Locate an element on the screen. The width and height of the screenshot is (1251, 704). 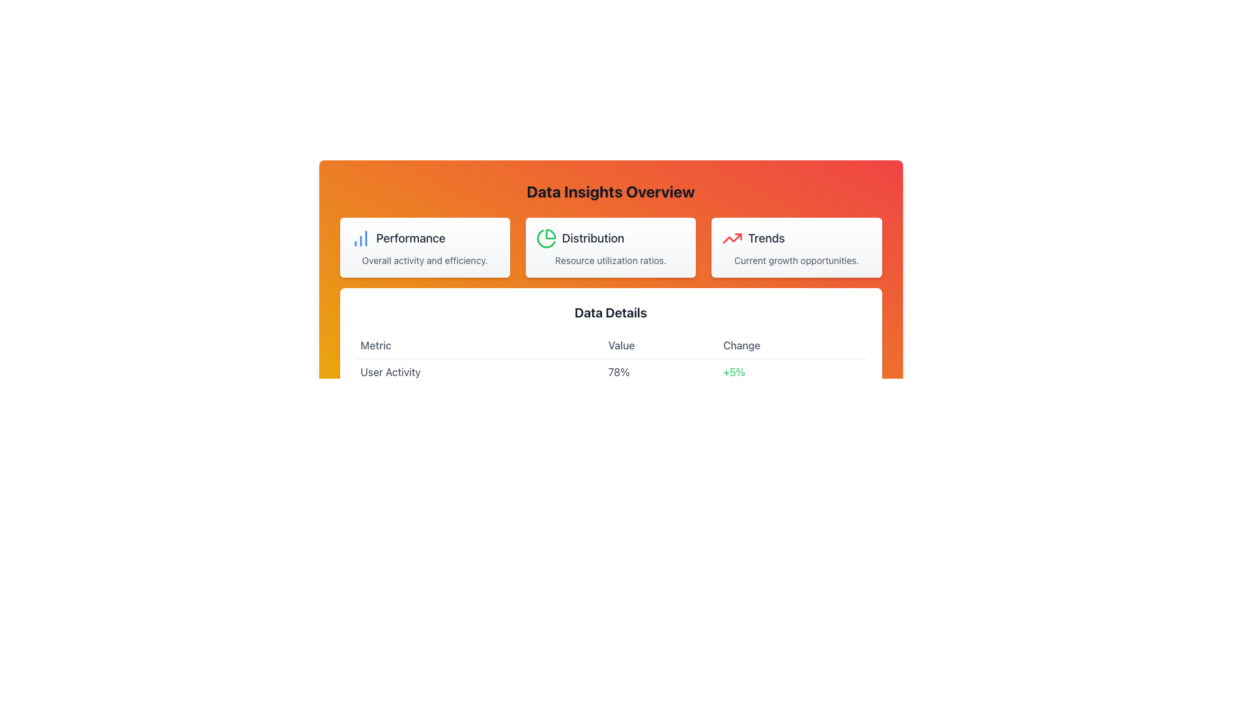
the 'Performance' text label, which is styled in a larger, bold dark gray font and has a small blue bar chart icon to its left, located at the top-left of the first card in a series of three horizontal cards is located at coordinates (425, 239).